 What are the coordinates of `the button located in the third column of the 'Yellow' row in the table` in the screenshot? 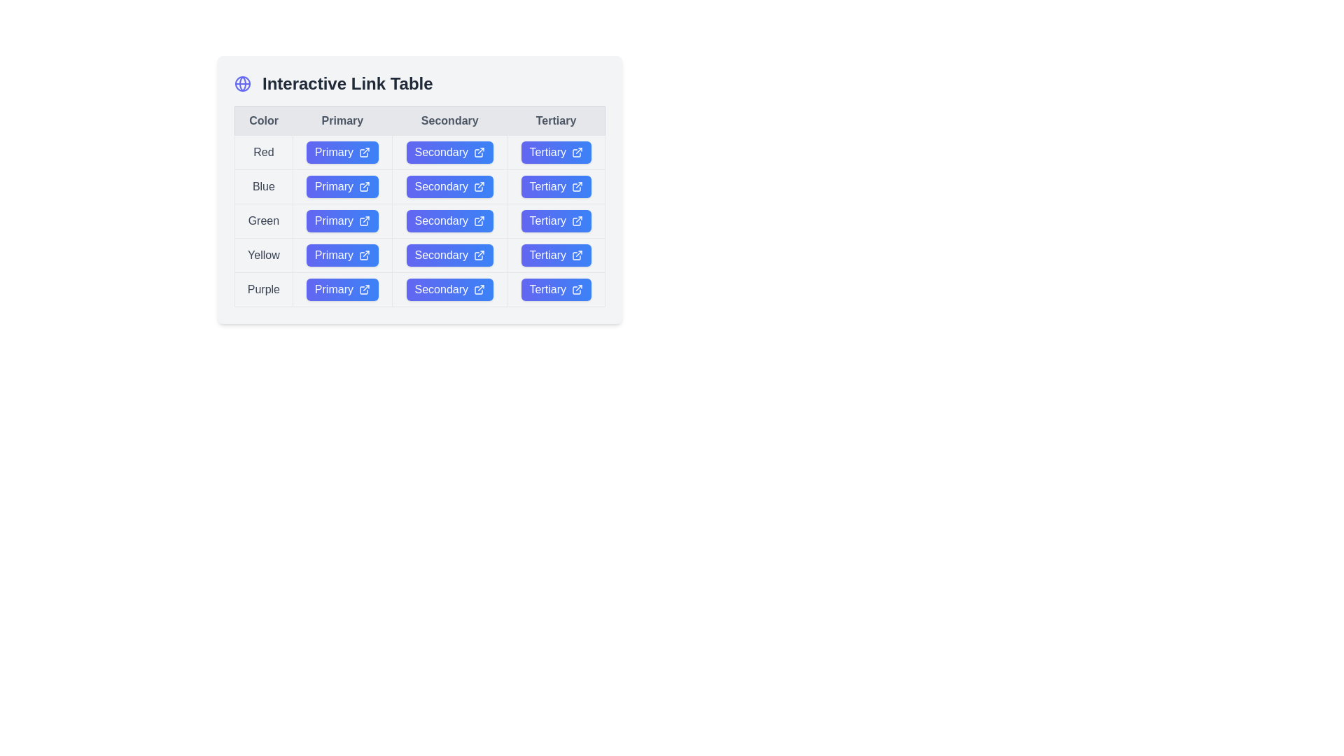 It's located at (449, 255).